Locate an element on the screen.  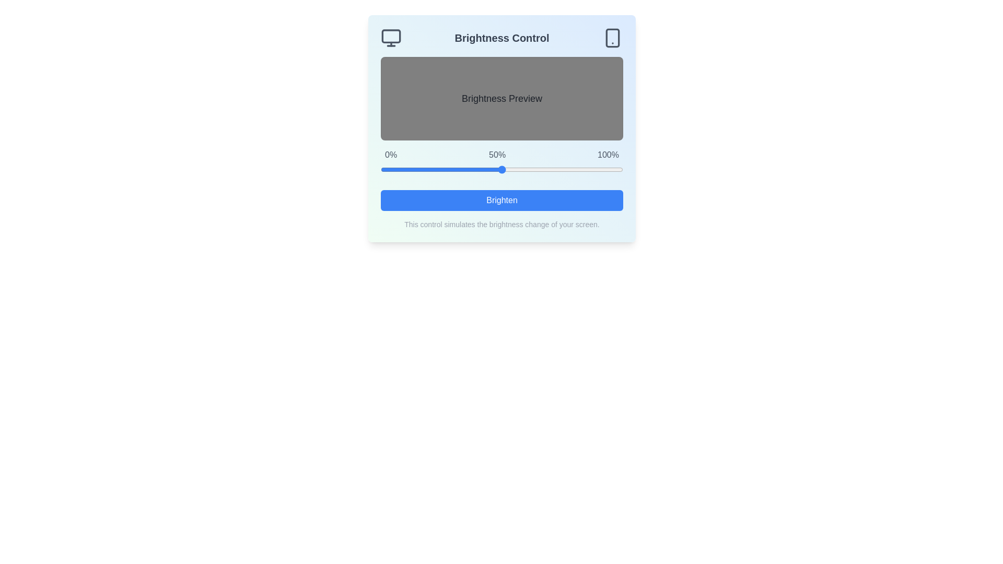
the brightness slider to 95% is located at coordinates (611, 169).